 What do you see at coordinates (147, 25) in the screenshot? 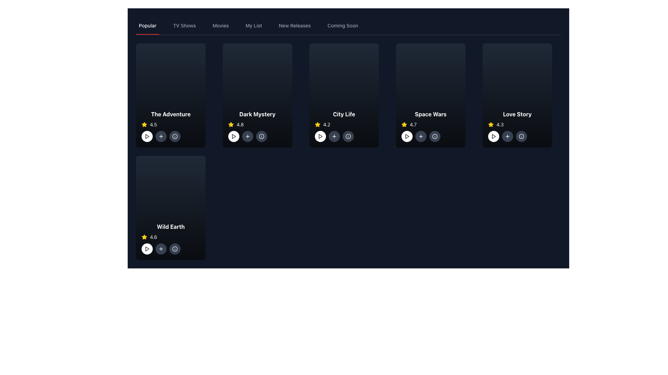
I see `the 'Popular' text link, which is styled with a white font and a small red underline, located in the top-left of the navigation menu` at bounding box center [147, 25].